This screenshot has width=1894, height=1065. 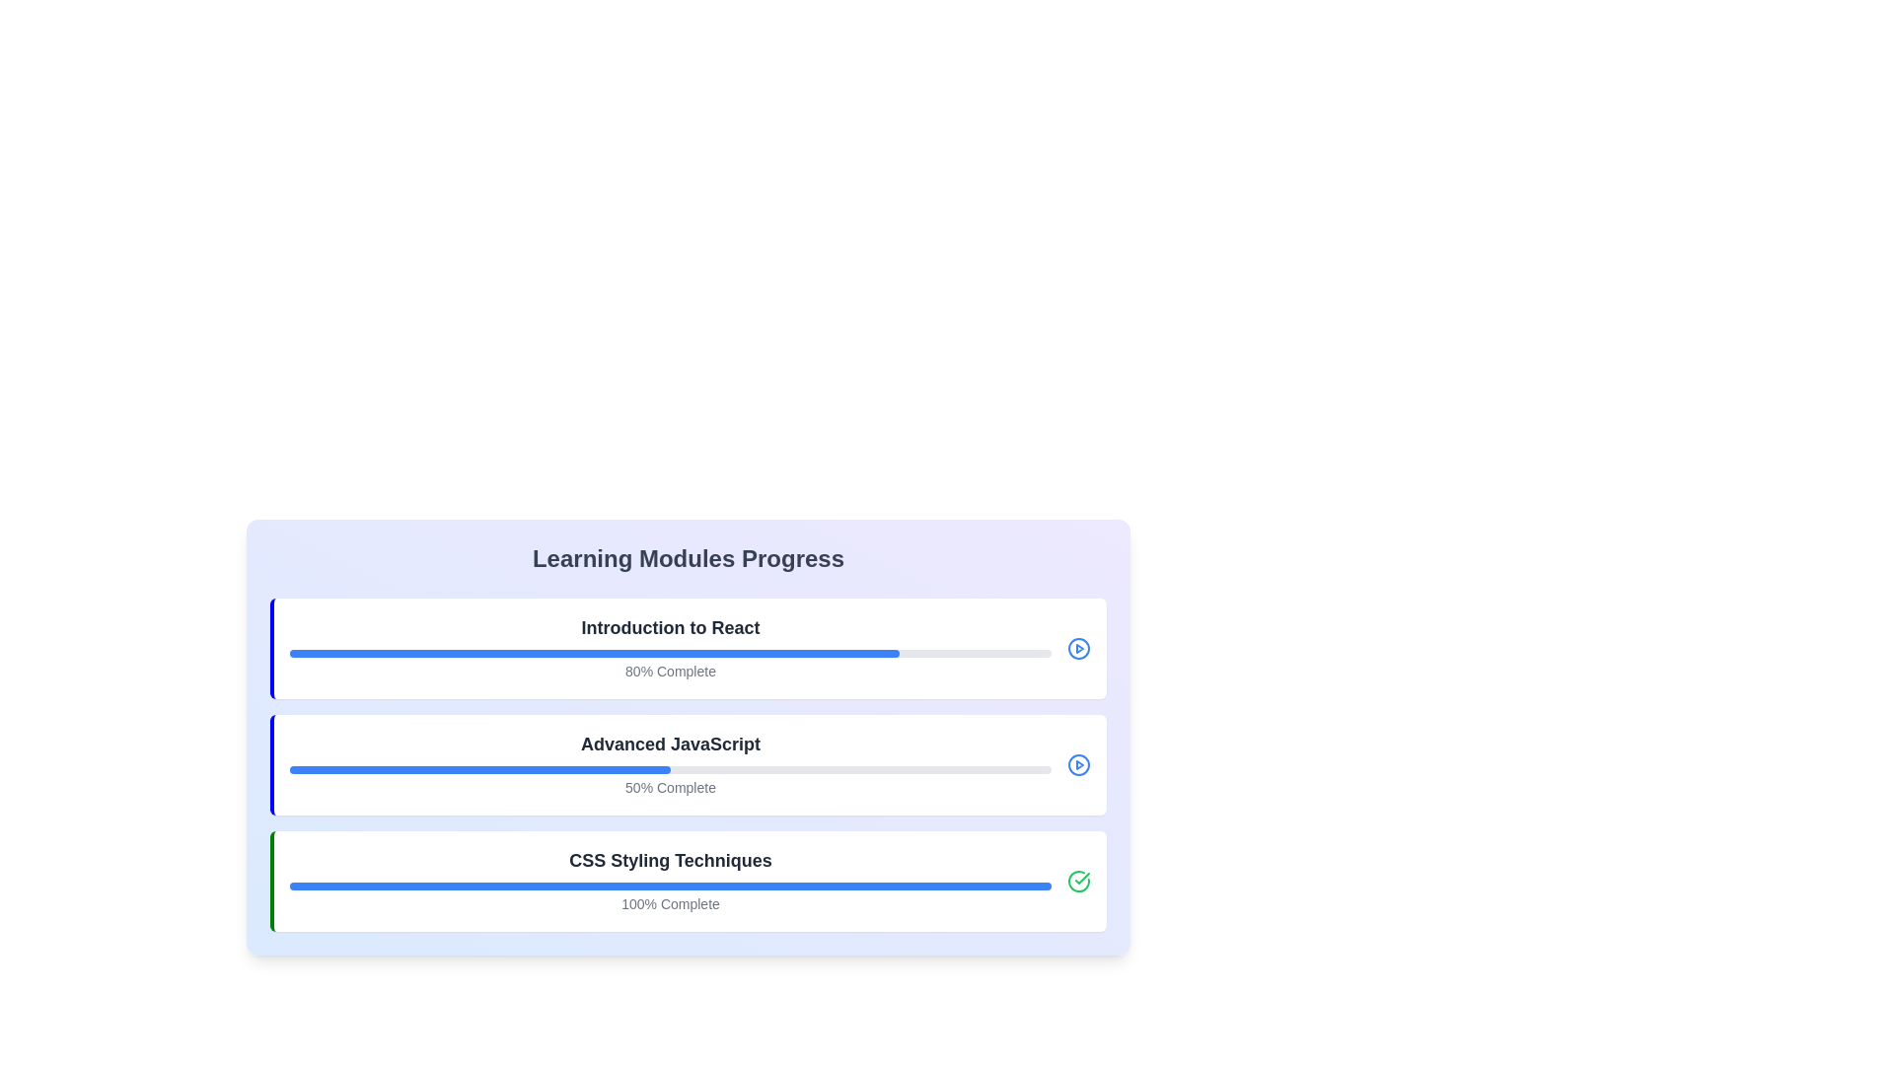 What do you see at coordinates (1078, 763) in the screenshot?
I see `the play button for the 'Advanced JavaScript' module located at the rightmost side of the progress block` at bounding box center [1078, 763].